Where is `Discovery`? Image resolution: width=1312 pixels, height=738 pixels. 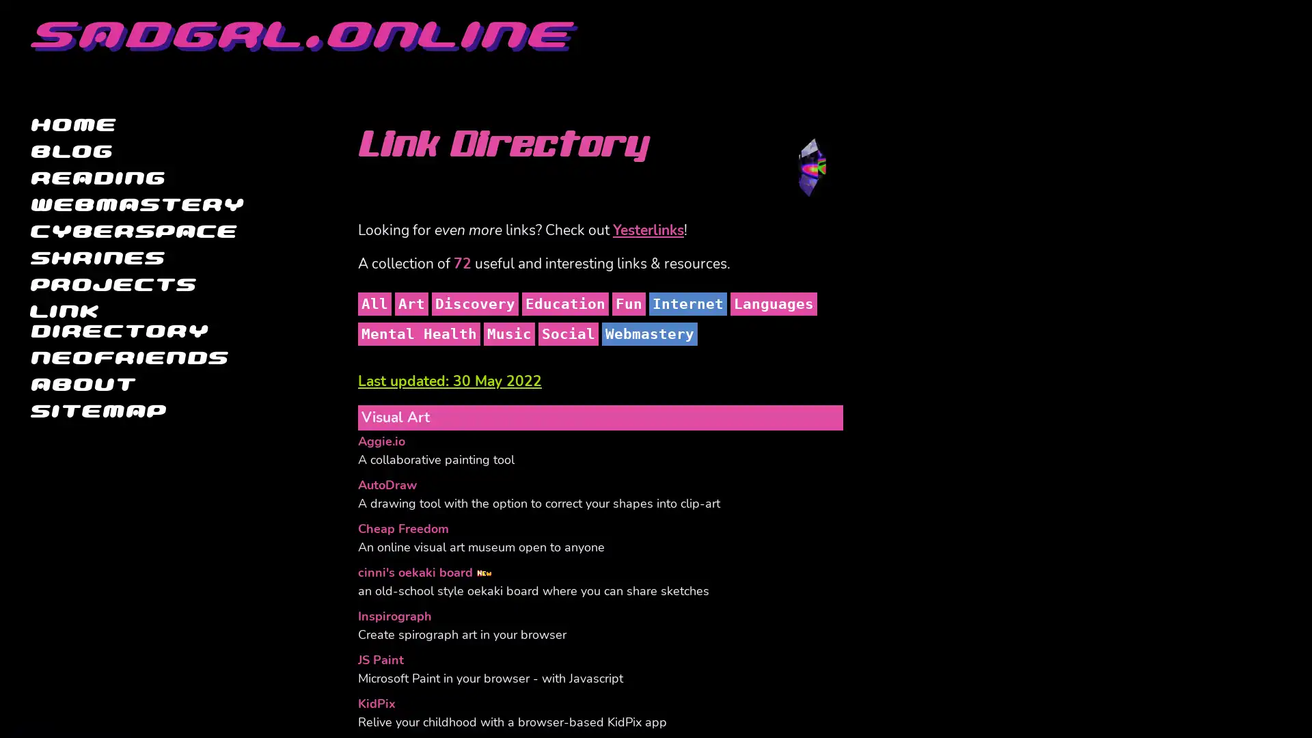
Discovery is located at coordinates (475, 302).